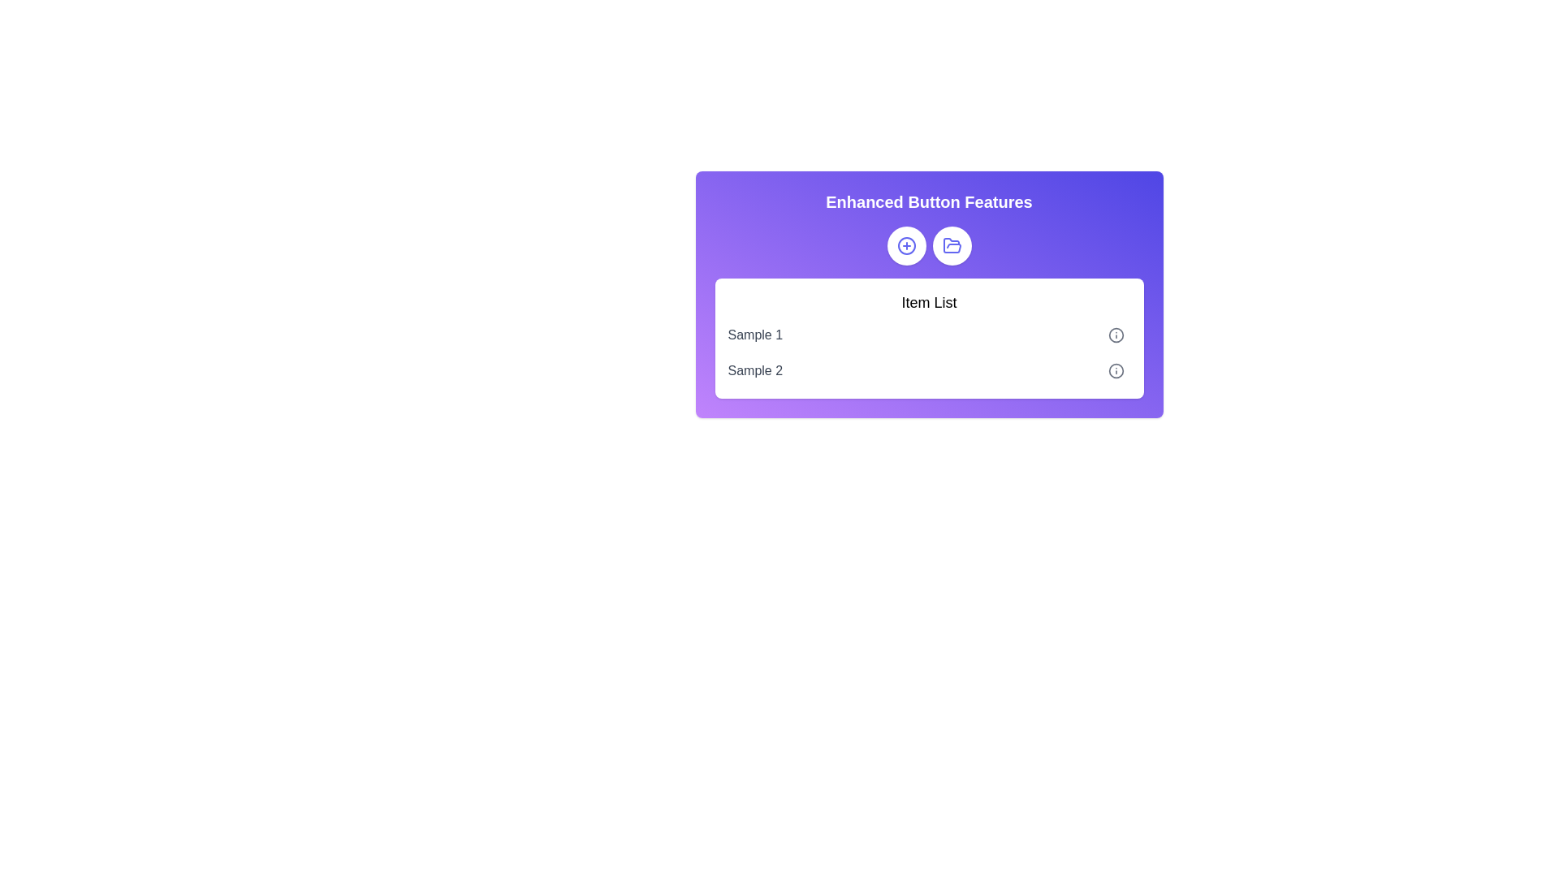  What do you see at coordinates (1115, 370) in the screenshot?
I see `the circular icon with a thin outline located to the right of the 'Item List' section in the interface` at bounding box center [1115, 370].